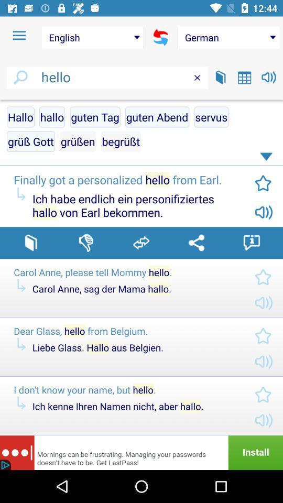 This screenshot has width=283, height=503. Describe the element at coordinates (269, 76) in the screenshot. I see `speak the word` at that location.